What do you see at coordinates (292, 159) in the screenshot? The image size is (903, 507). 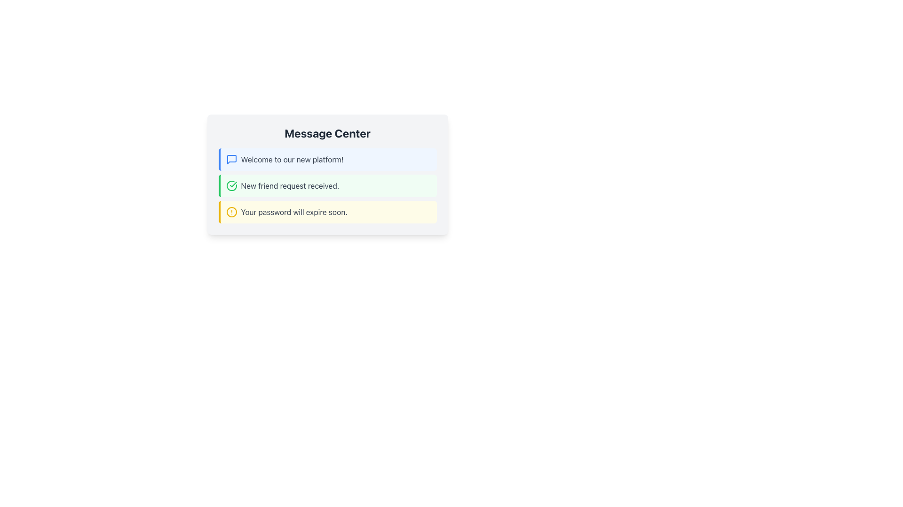 I see `message labeled 'Welcome to our new platform!' in the notification card with a light blue background and blue left border, located in the 'Message Center' panel` at bounding box center [292, 159].